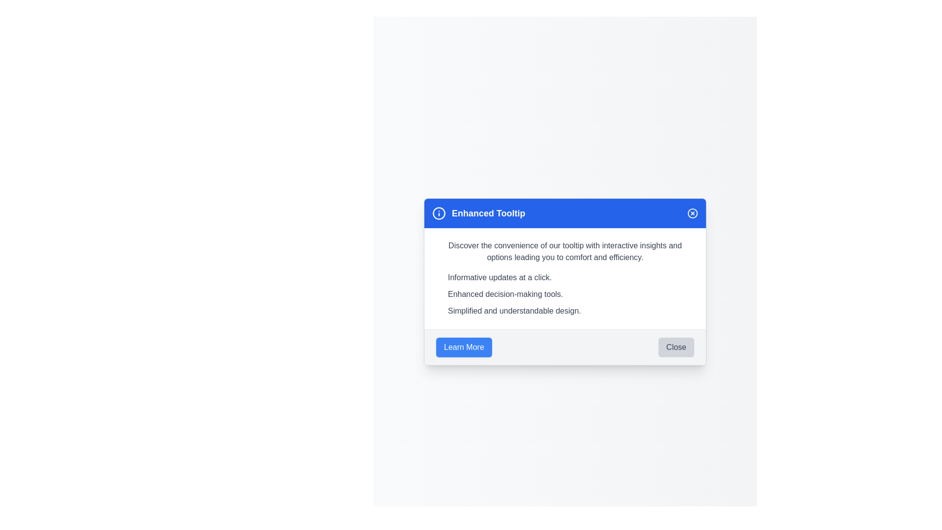  Describe the element at coordinates (463, 346) in the screenshot. I see `the blue 'Learn More' button with white text located in the bottom-left part of the footer section of the card layout` at that location.